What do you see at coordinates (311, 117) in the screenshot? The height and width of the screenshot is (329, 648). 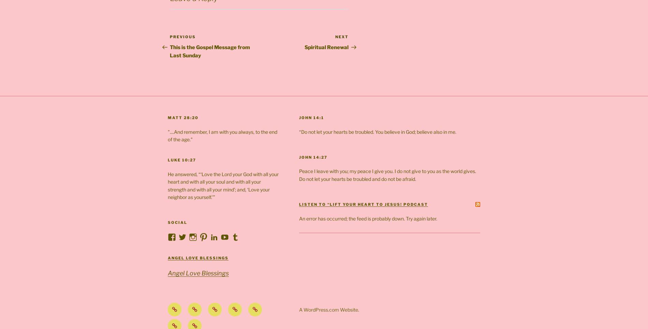 I see `'John 14:1'` at bounding box center [311, 117].